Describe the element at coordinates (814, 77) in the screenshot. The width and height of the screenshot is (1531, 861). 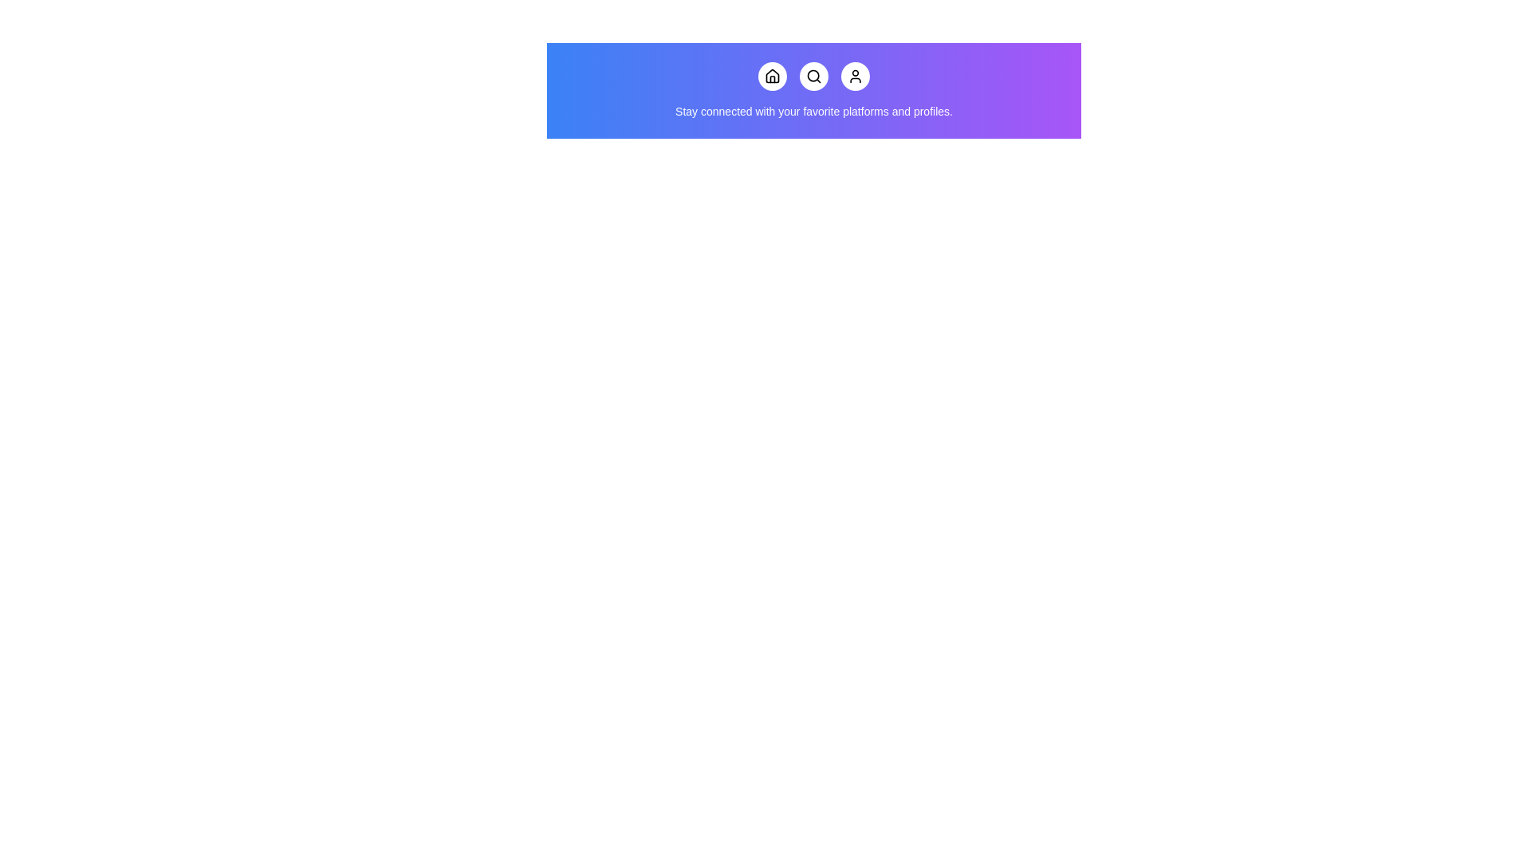
I see `the search icon button located as the second icon from the left in a horizontal sequence at the top-middle of the interface` at that location.